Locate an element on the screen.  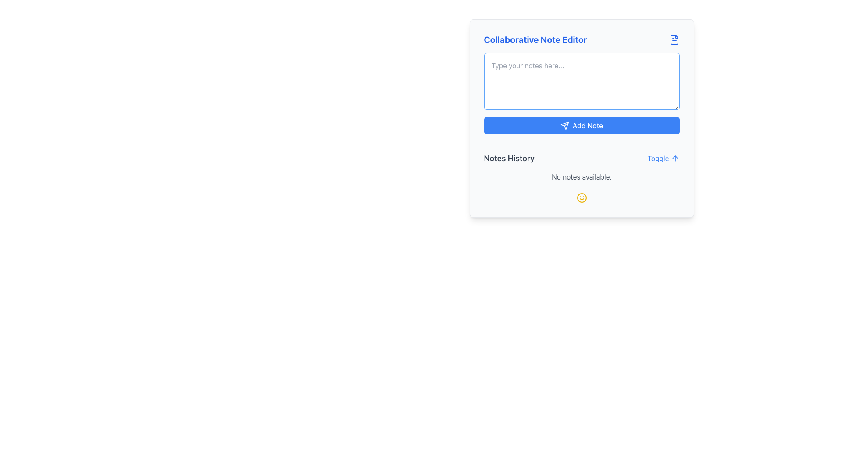
the arrow icon next to the 'Toggle' text in the 'Collaborative Note Editor' card is located at coordinates (674, 159).